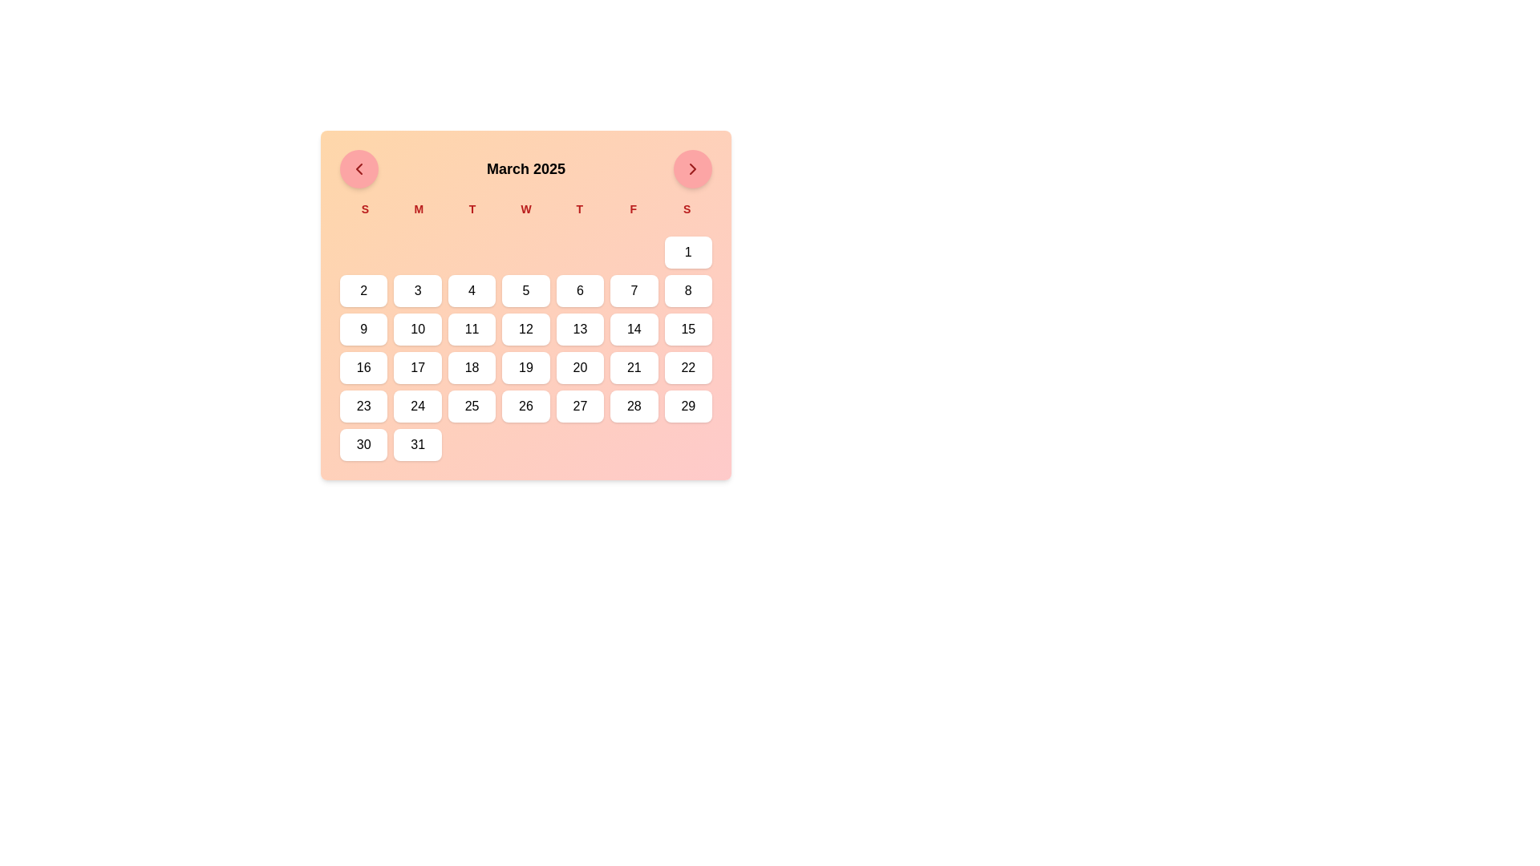 This screenshot has width=1540, height=866. Describe the element at coordinates (363, 253) in the screenshot. I see `the empty cell placeholder in the first row and first column of the calendar grid, which serves as a structural component aligning day headers` at that location.